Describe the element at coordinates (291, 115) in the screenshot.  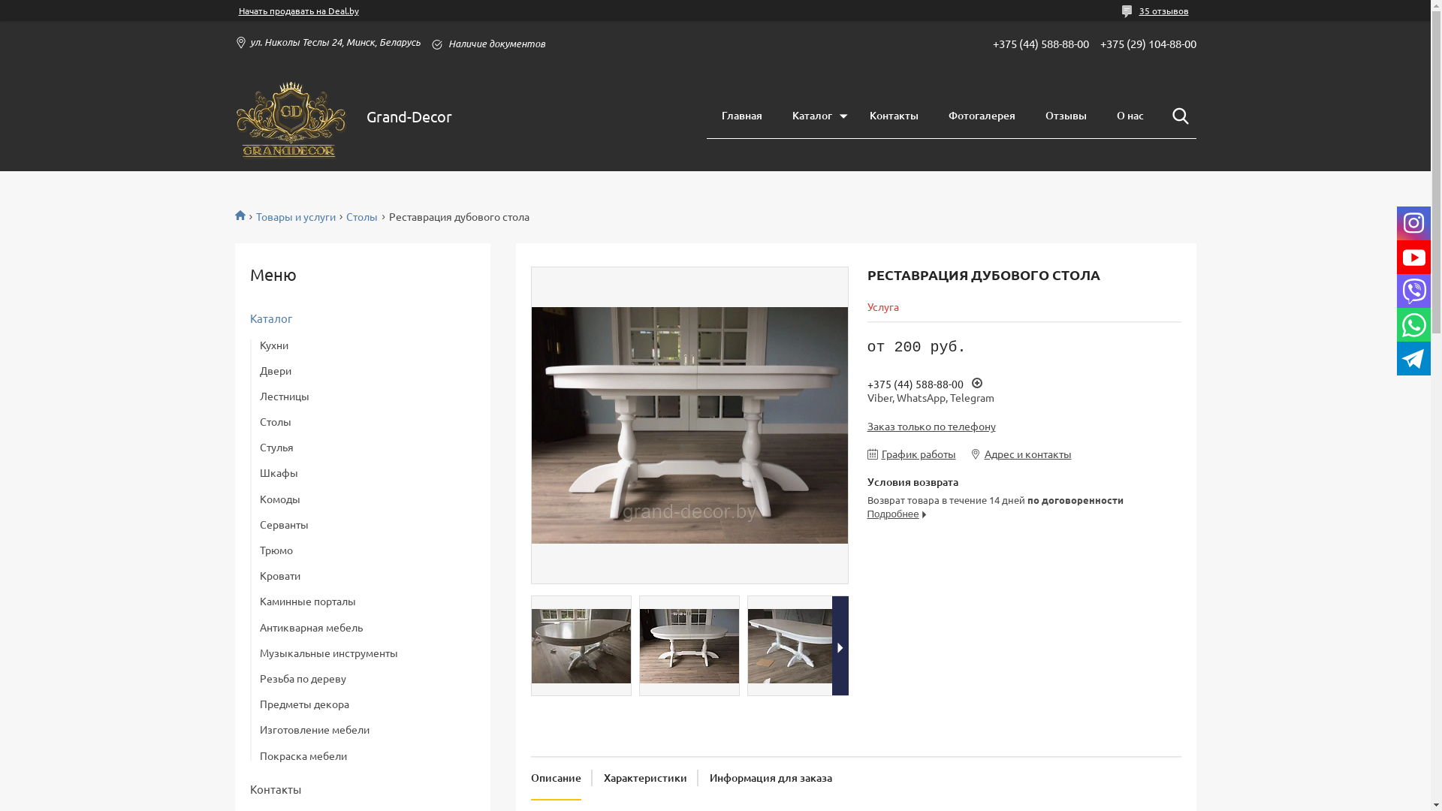
I see `'Grand Decor'` at that location.